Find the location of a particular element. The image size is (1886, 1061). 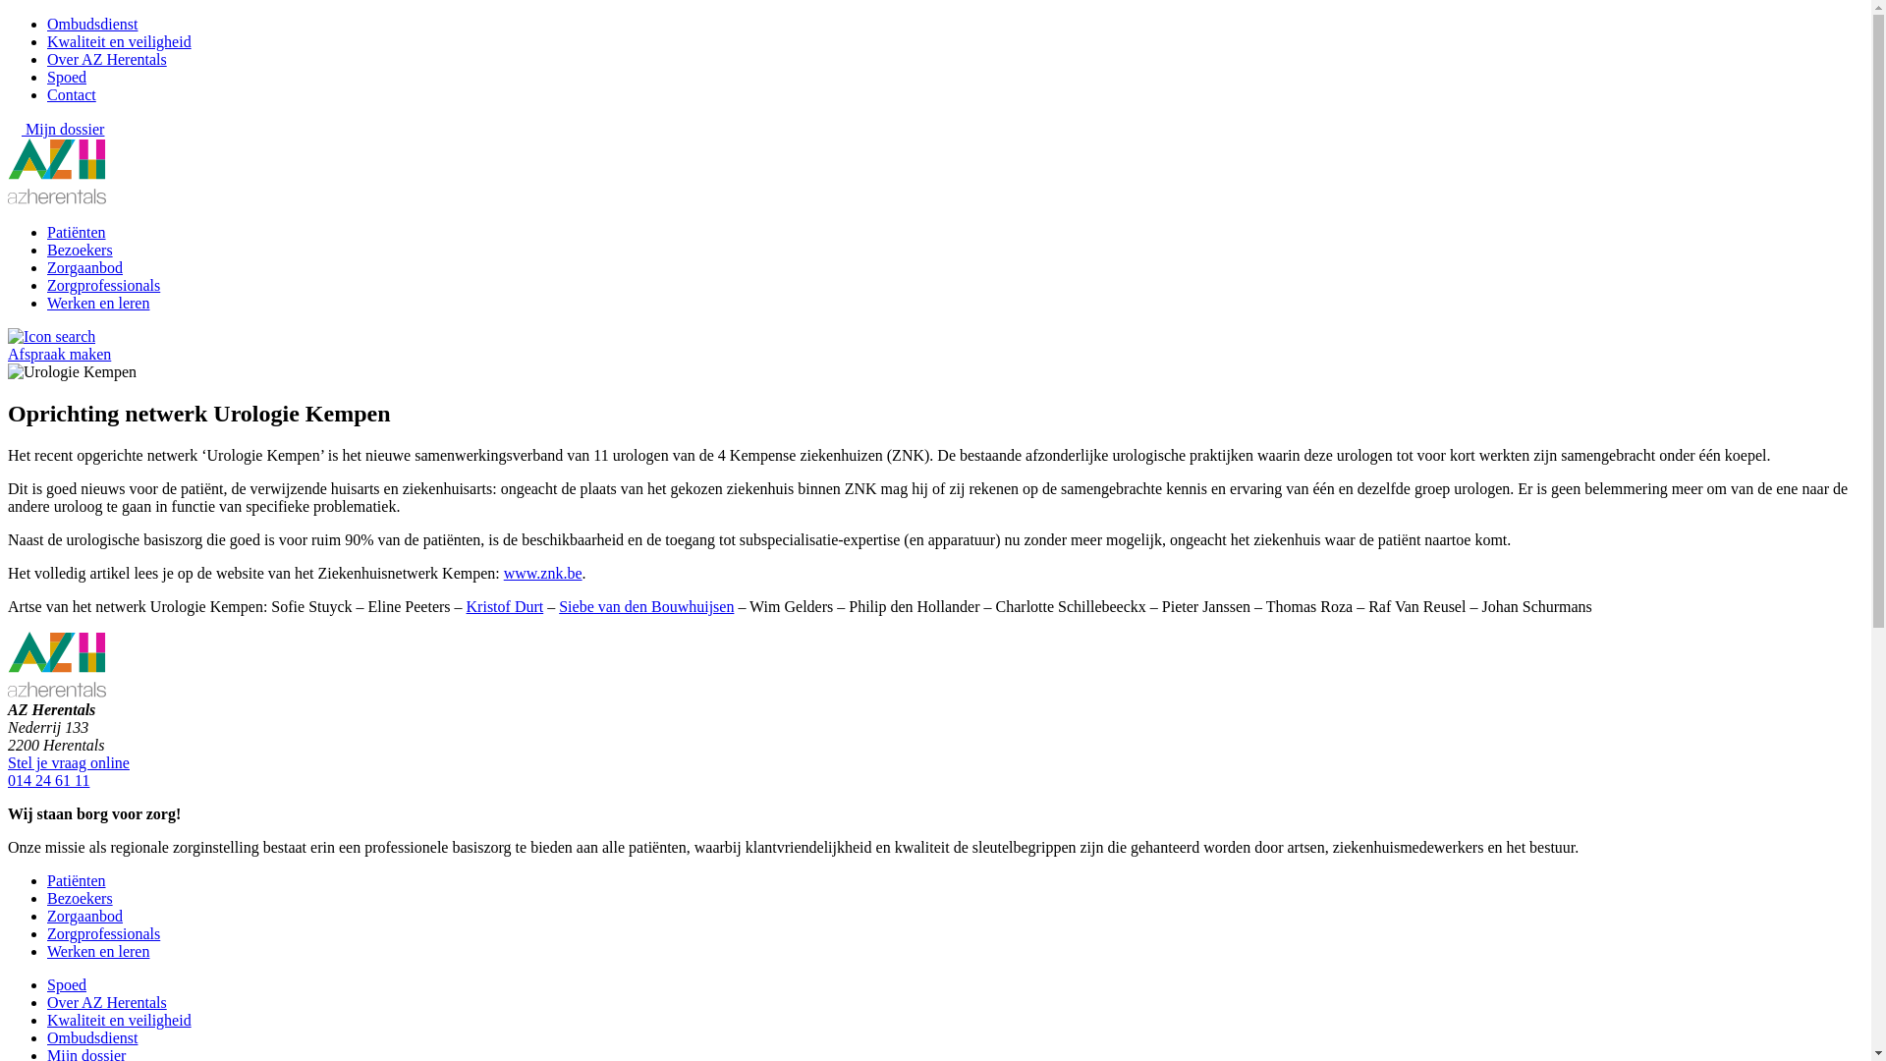

'Home' is located at coordinates (56, 198).